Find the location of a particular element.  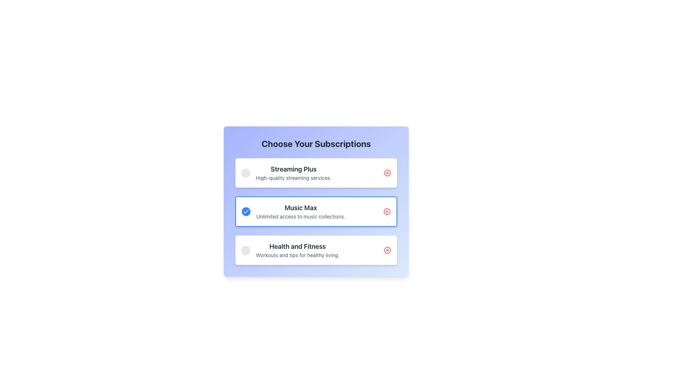

the circular radio button located near the left side of the 'Streaming Plus' subscription option is located at coordinates (246, 173).